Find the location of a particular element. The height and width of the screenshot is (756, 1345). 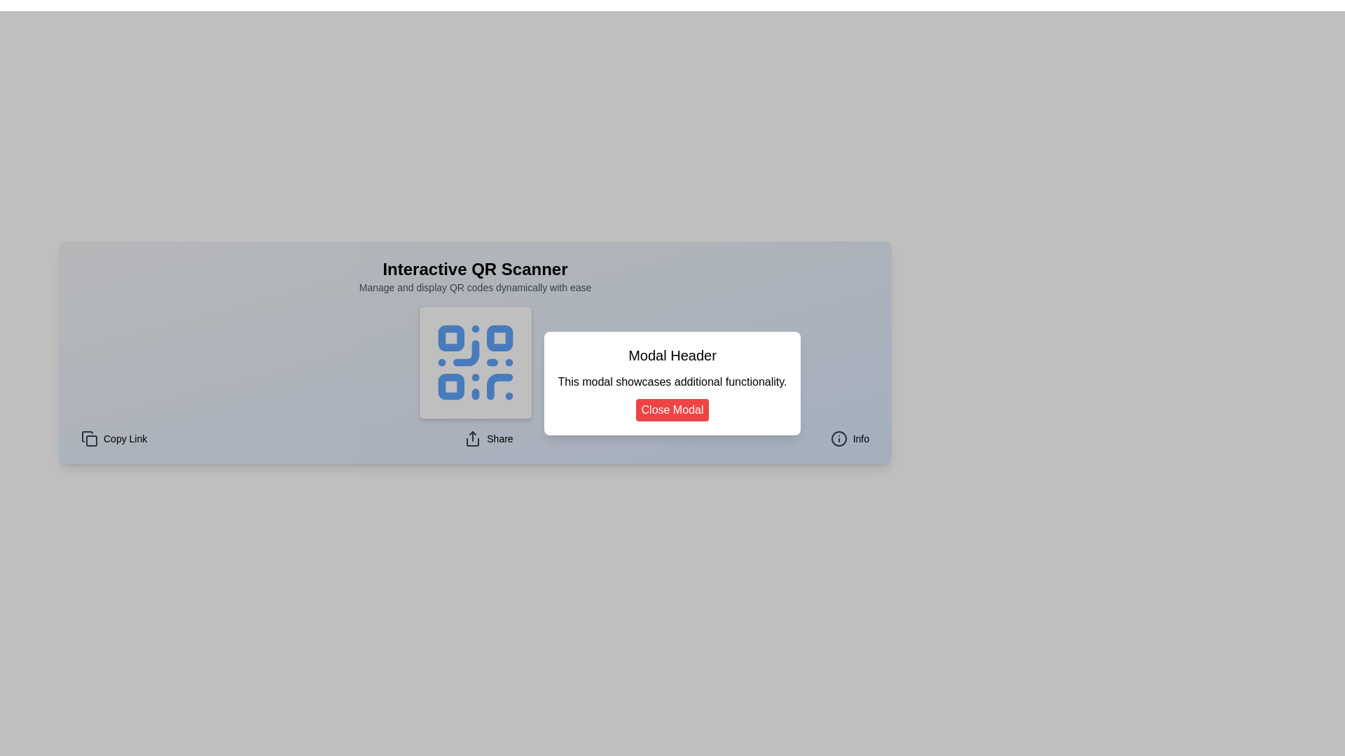

the 'Copy Link' button located at the bottom-left corner of the modal is located at coordinates (114, 438).